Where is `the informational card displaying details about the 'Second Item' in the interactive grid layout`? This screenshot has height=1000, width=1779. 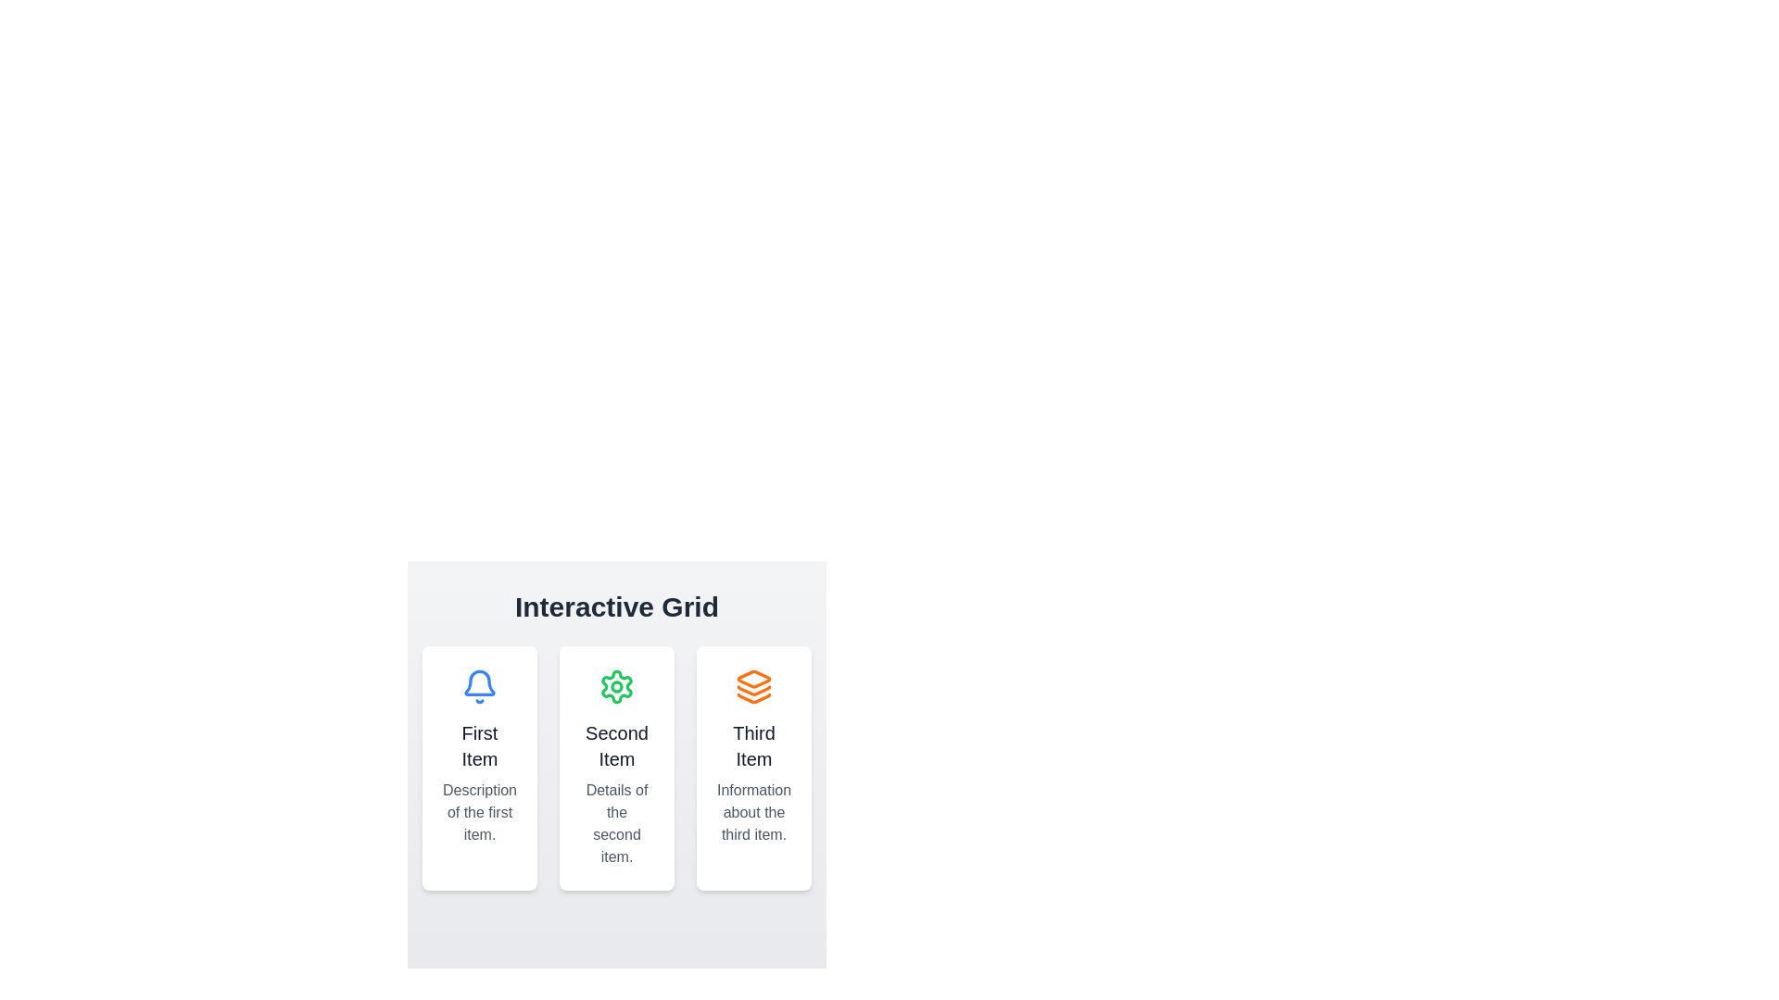 the informational card displaying details about the 'Second Item' in the interactive grid layout is located at coordinates (617, 753).